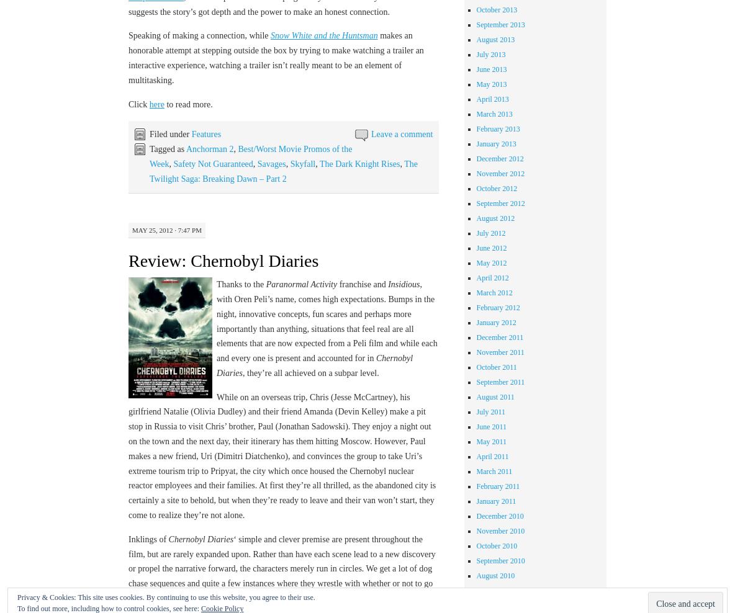  I want to click on 'March 2013', so click(475, 112).